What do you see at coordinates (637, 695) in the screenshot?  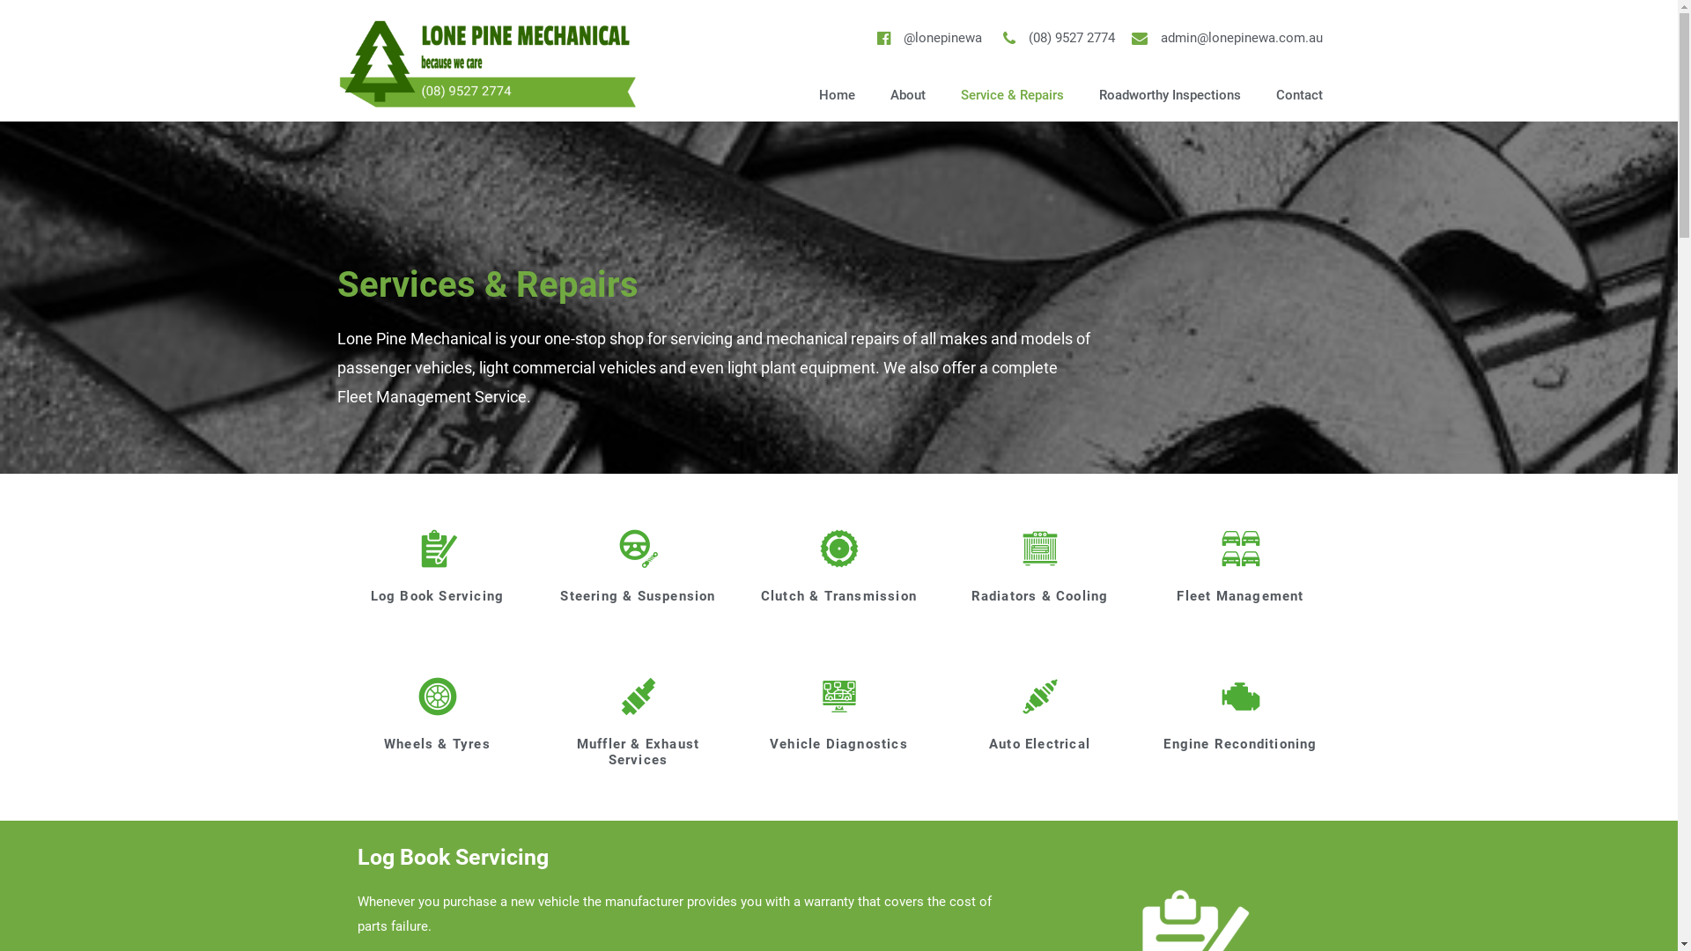 I see `'exhaust'` at bounding box center [637, 695].